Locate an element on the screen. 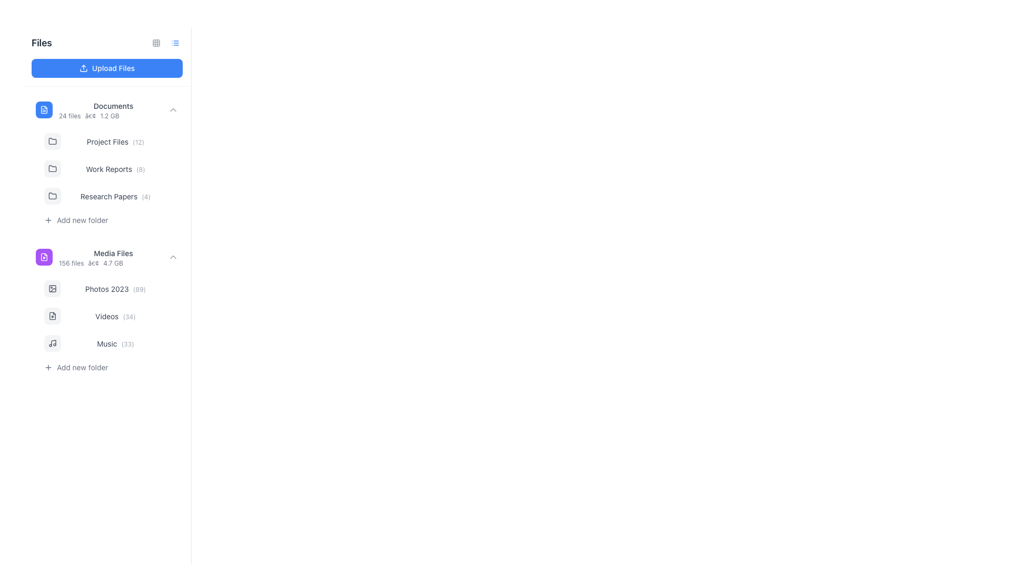 This screenshot has height=568, width=1011. the small grid icon in the upper right corner of the interface is located at coordinates (156, 42).